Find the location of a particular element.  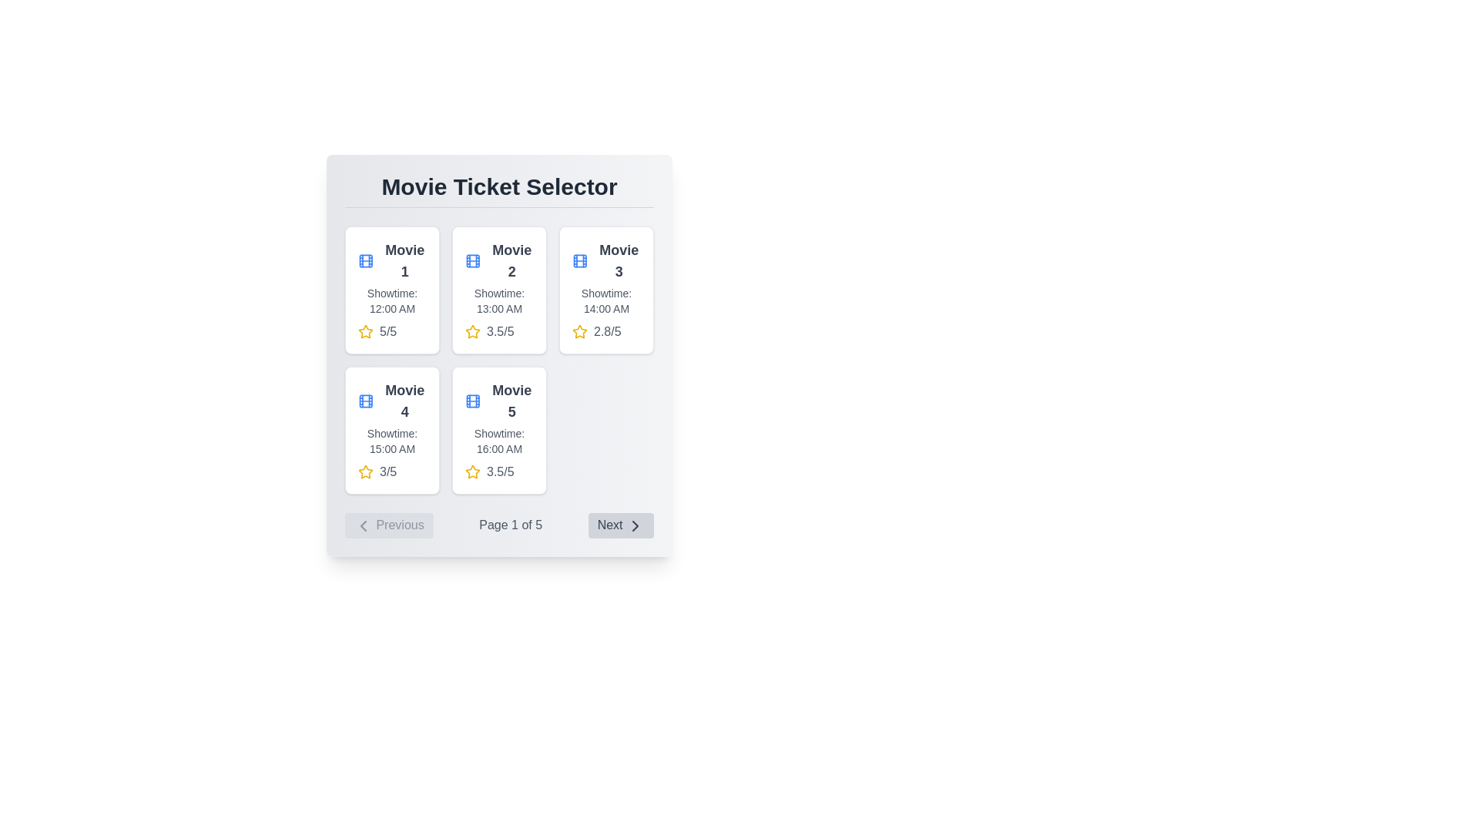

the star icon representing ratings located beneath the 'Movie 5' heading and the showtime label, which is a yellow star with a central white hollow area is located at coordinates (472, 471).